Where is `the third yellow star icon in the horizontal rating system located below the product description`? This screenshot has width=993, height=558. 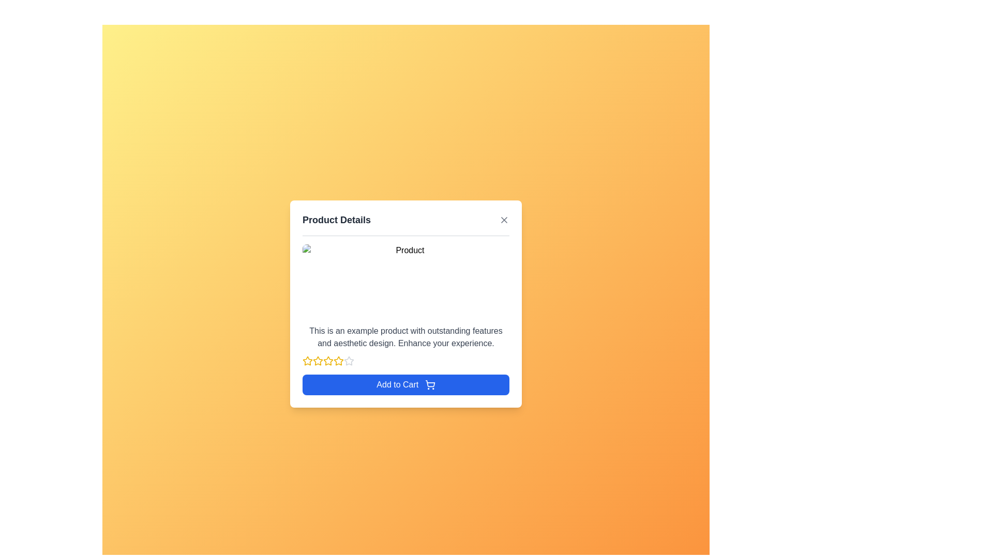 the third yellow star icon in the horizontal rating system located below the product description is located at coordinates (327, 360).